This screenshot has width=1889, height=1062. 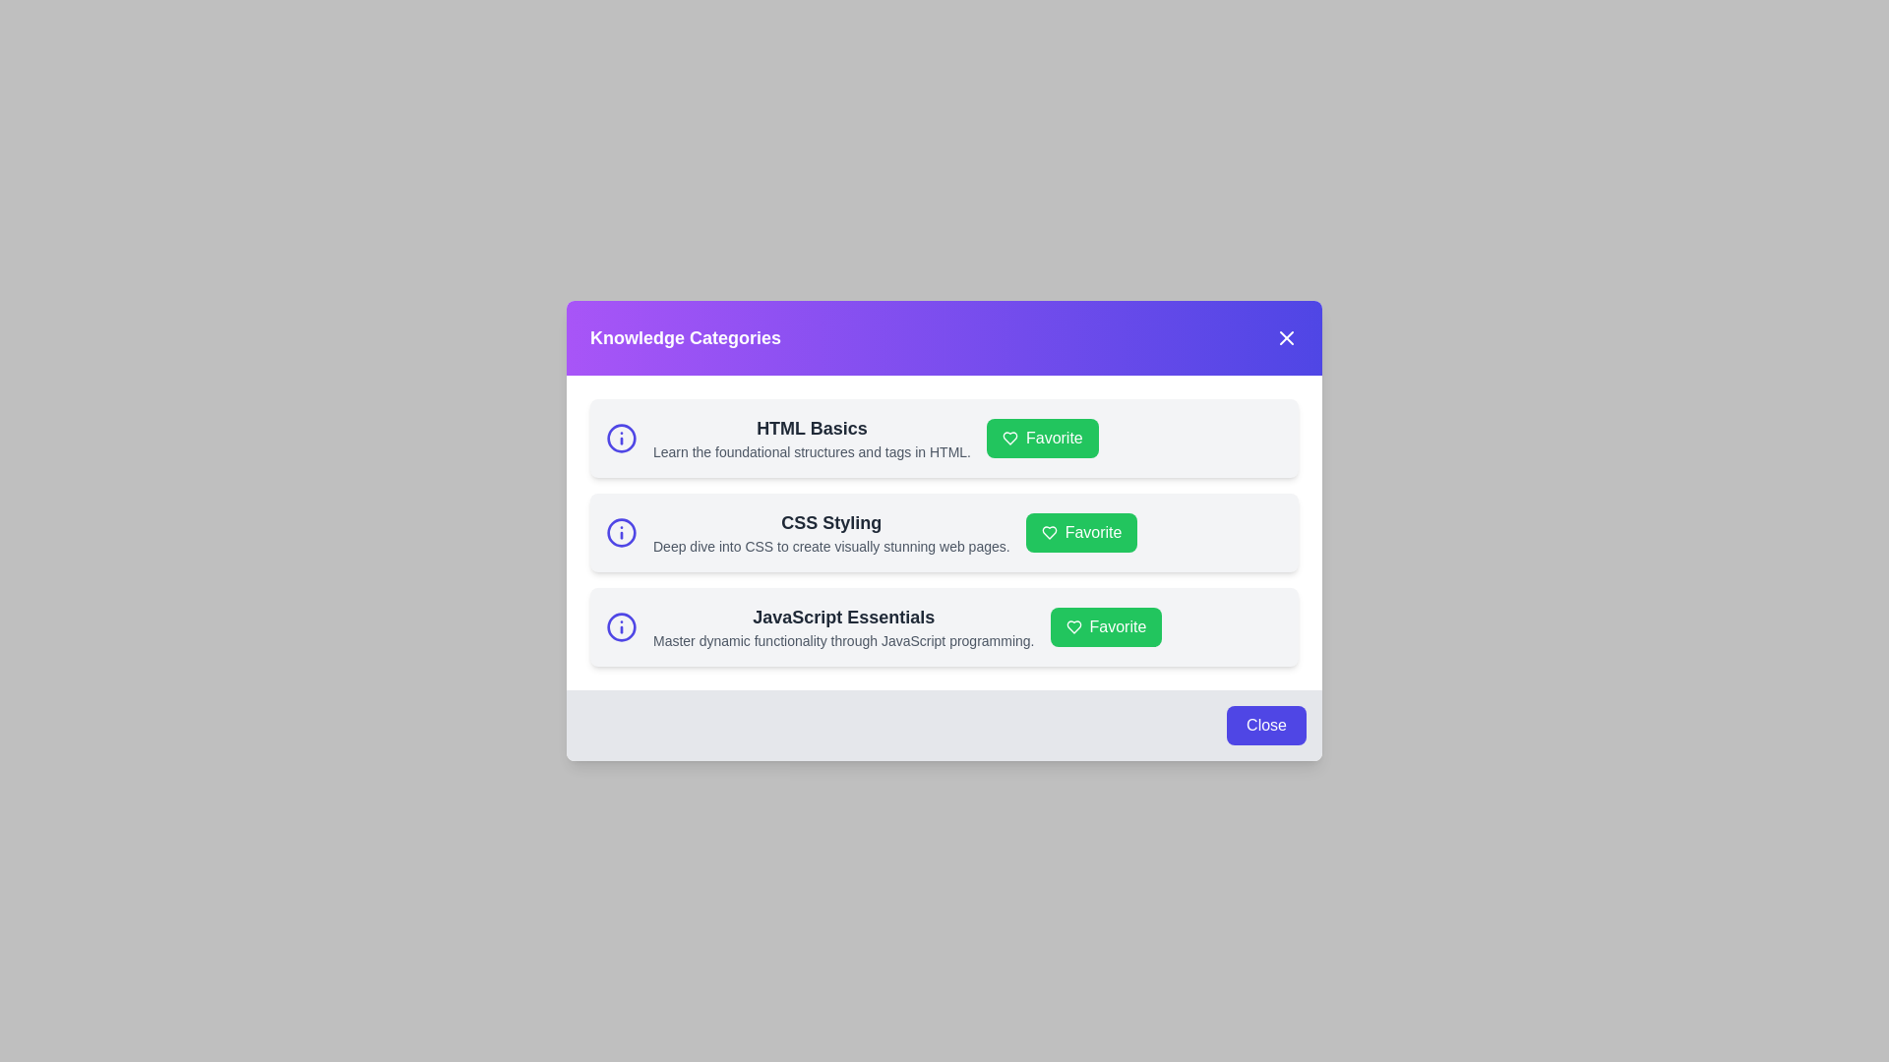 I want to click on the Text Box with Title 'HTML Basics' and Description 'Learn the foundational structures and tags in HTML.' which is the first item in the list of knowledge categories, centrally aligned in the upper section, positioned between an informational icon and a 'Favorite' button, so click(x=812, y=438).